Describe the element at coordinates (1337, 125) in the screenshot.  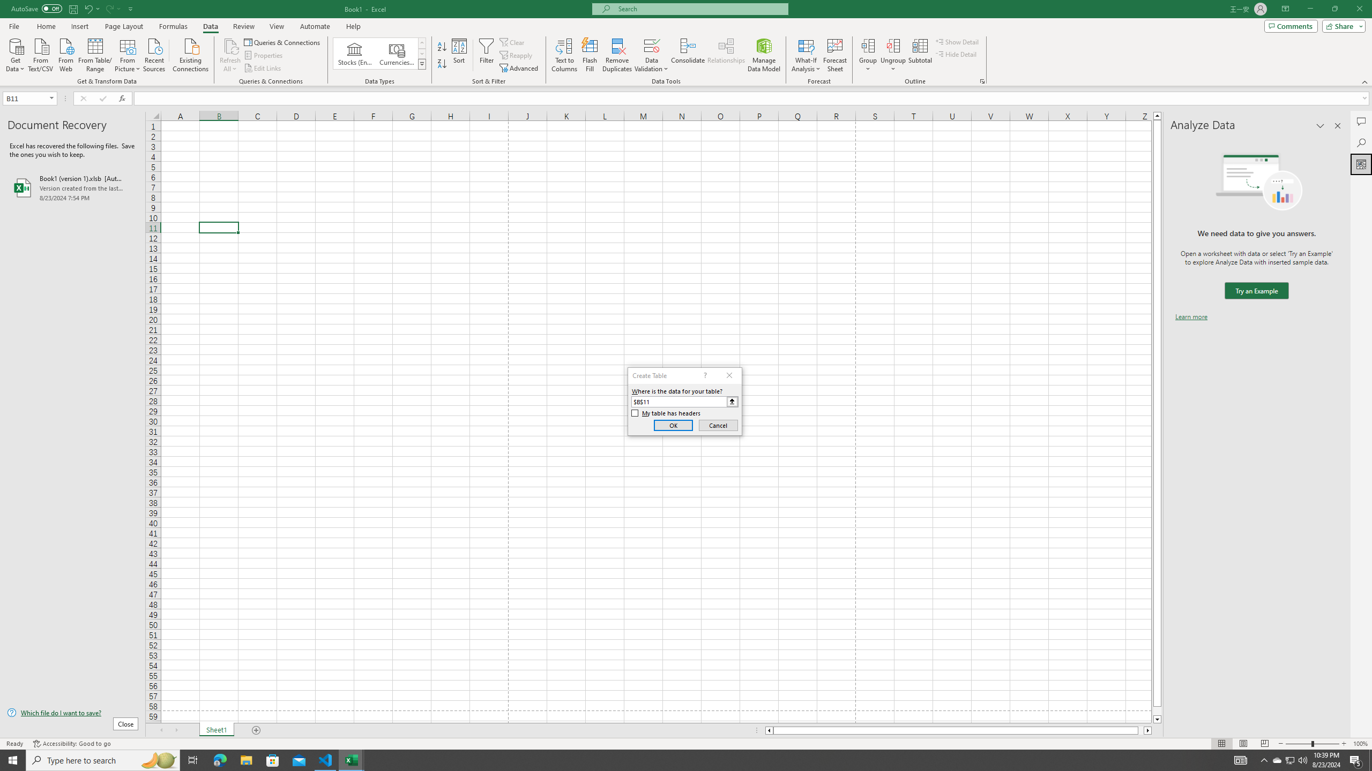
I see `'Close pane'` at that location.